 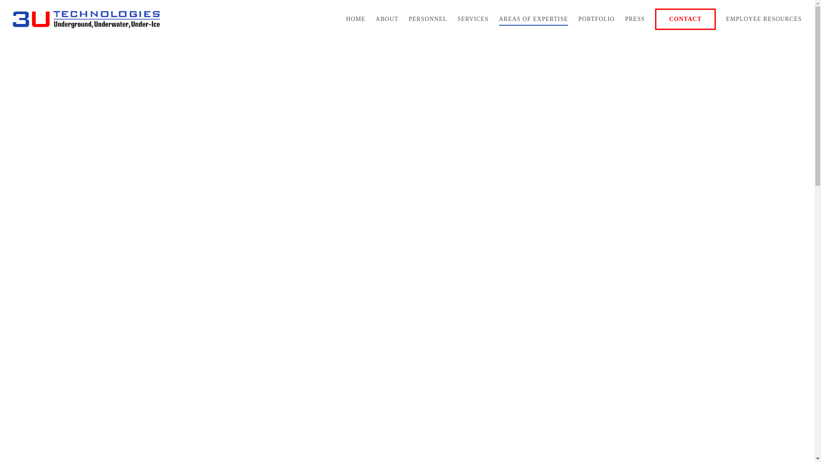 What do you see at coordinates (764, 19) in the screenshot?
I see `'EMPLOYEE RESOURCES'` at bounding box center [764, 19].